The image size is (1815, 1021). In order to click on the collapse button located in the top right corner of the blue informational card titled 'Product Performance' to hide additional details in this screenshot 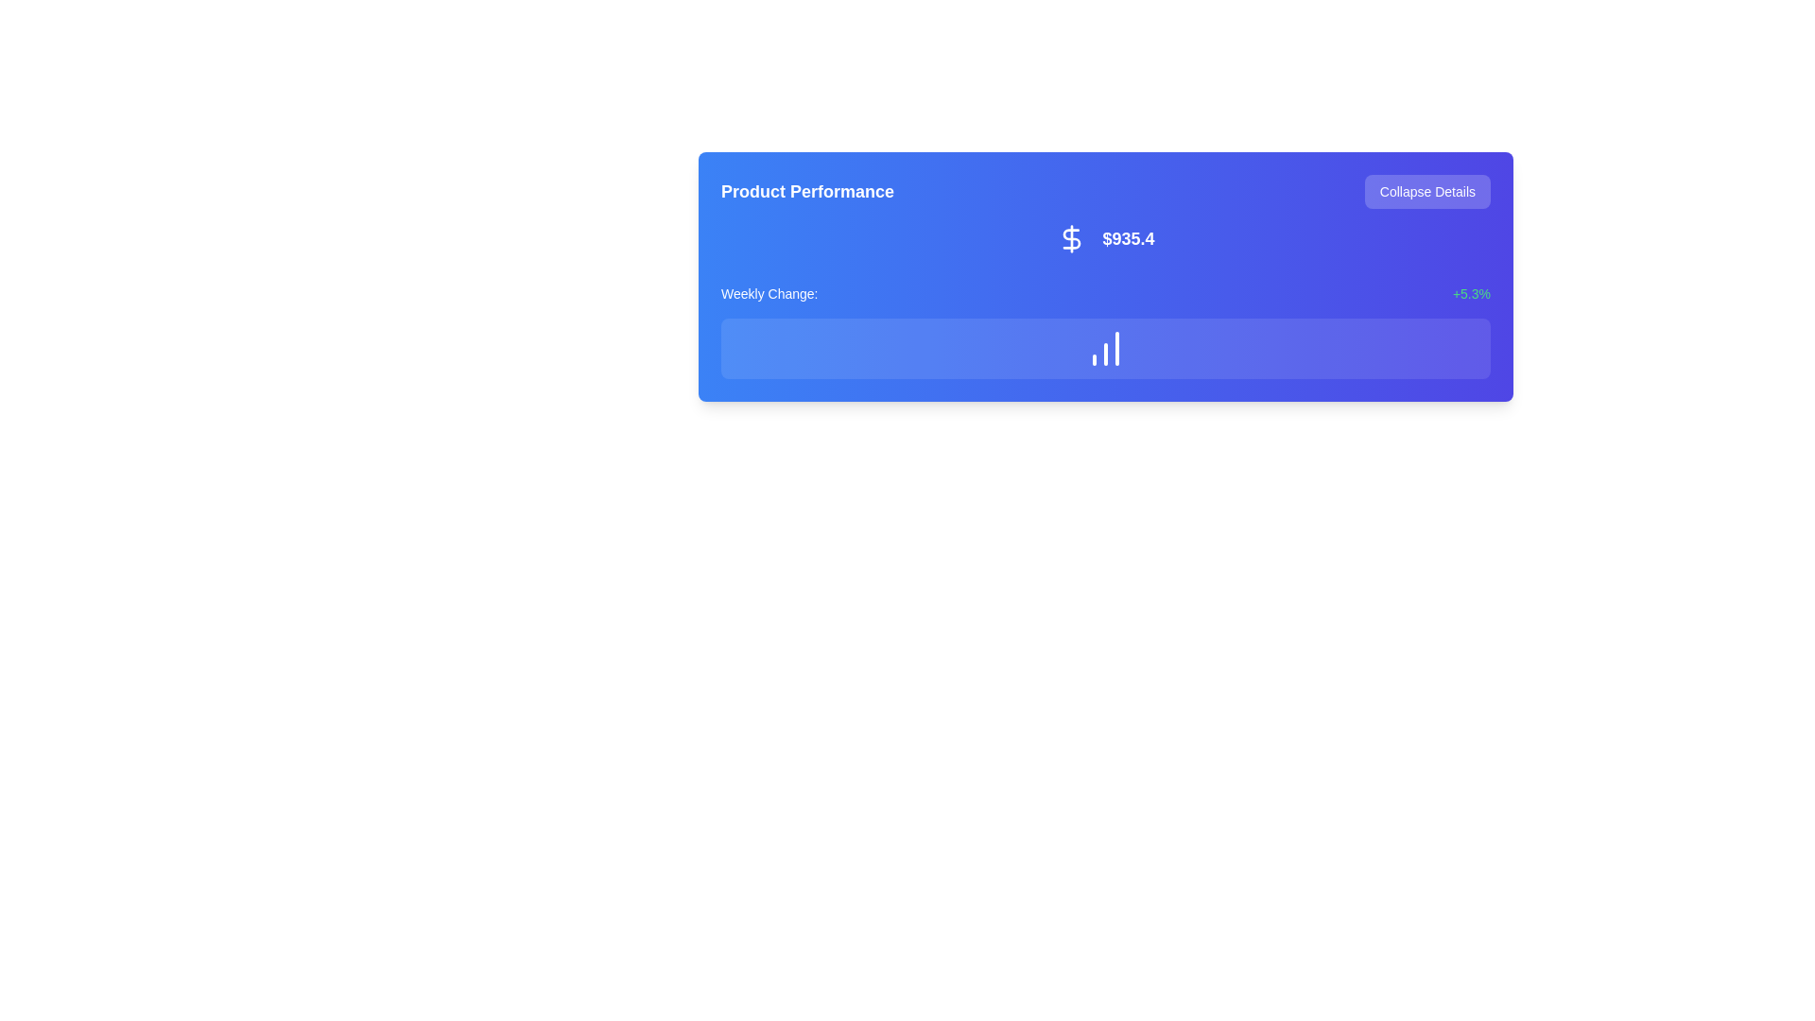, I will do `click(1427, 192)`.